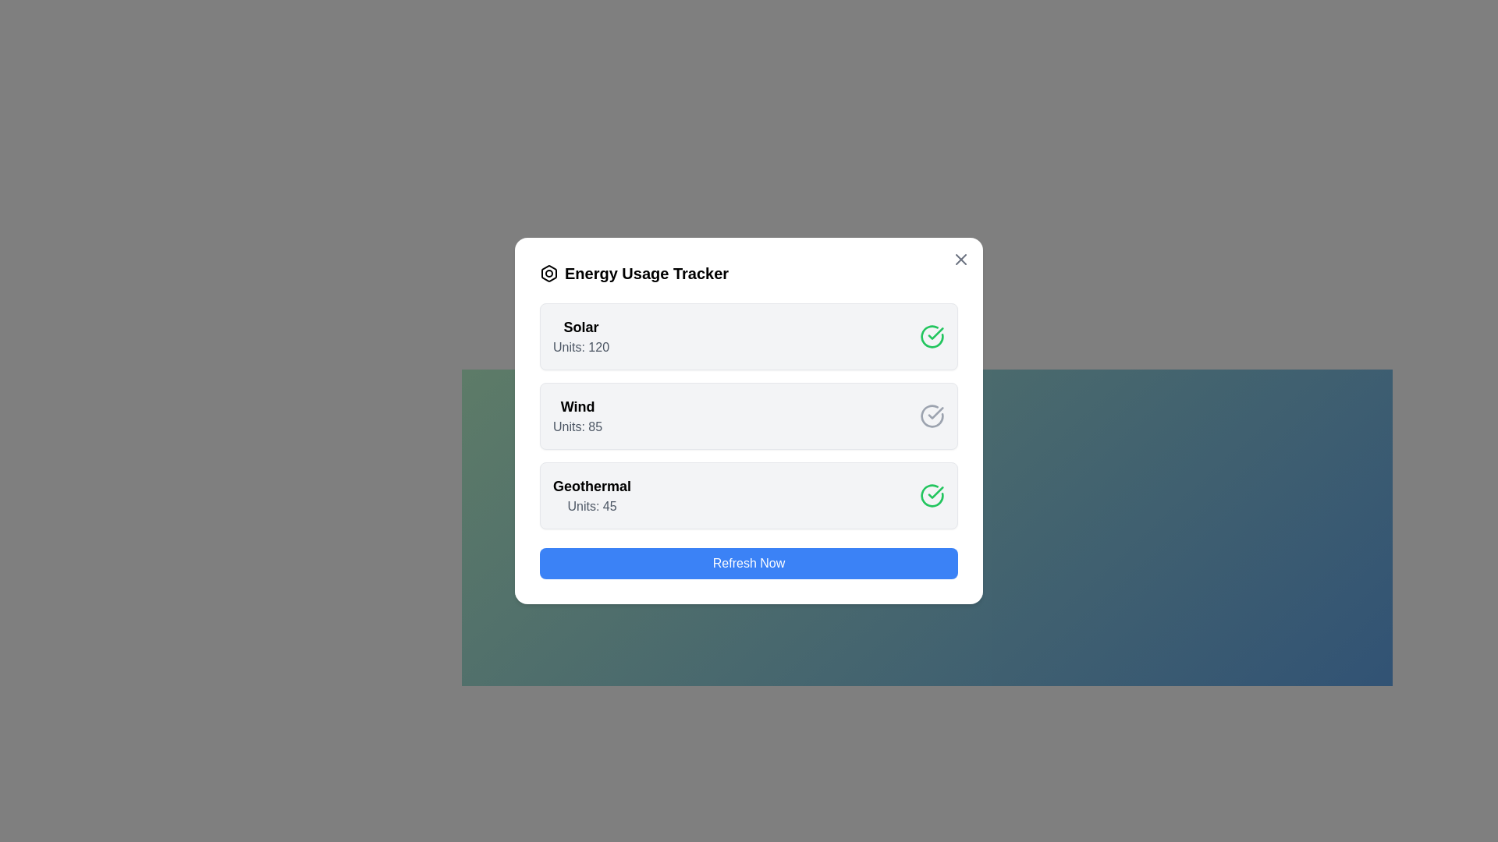 The width and height of the screenshot is (1498, 842). Describe the element at coordinates (580, 336) in the screenshot. I see `the text display element that shows energy usage statistics for 'Solar', which indicates 'Units: 120'` at that location.